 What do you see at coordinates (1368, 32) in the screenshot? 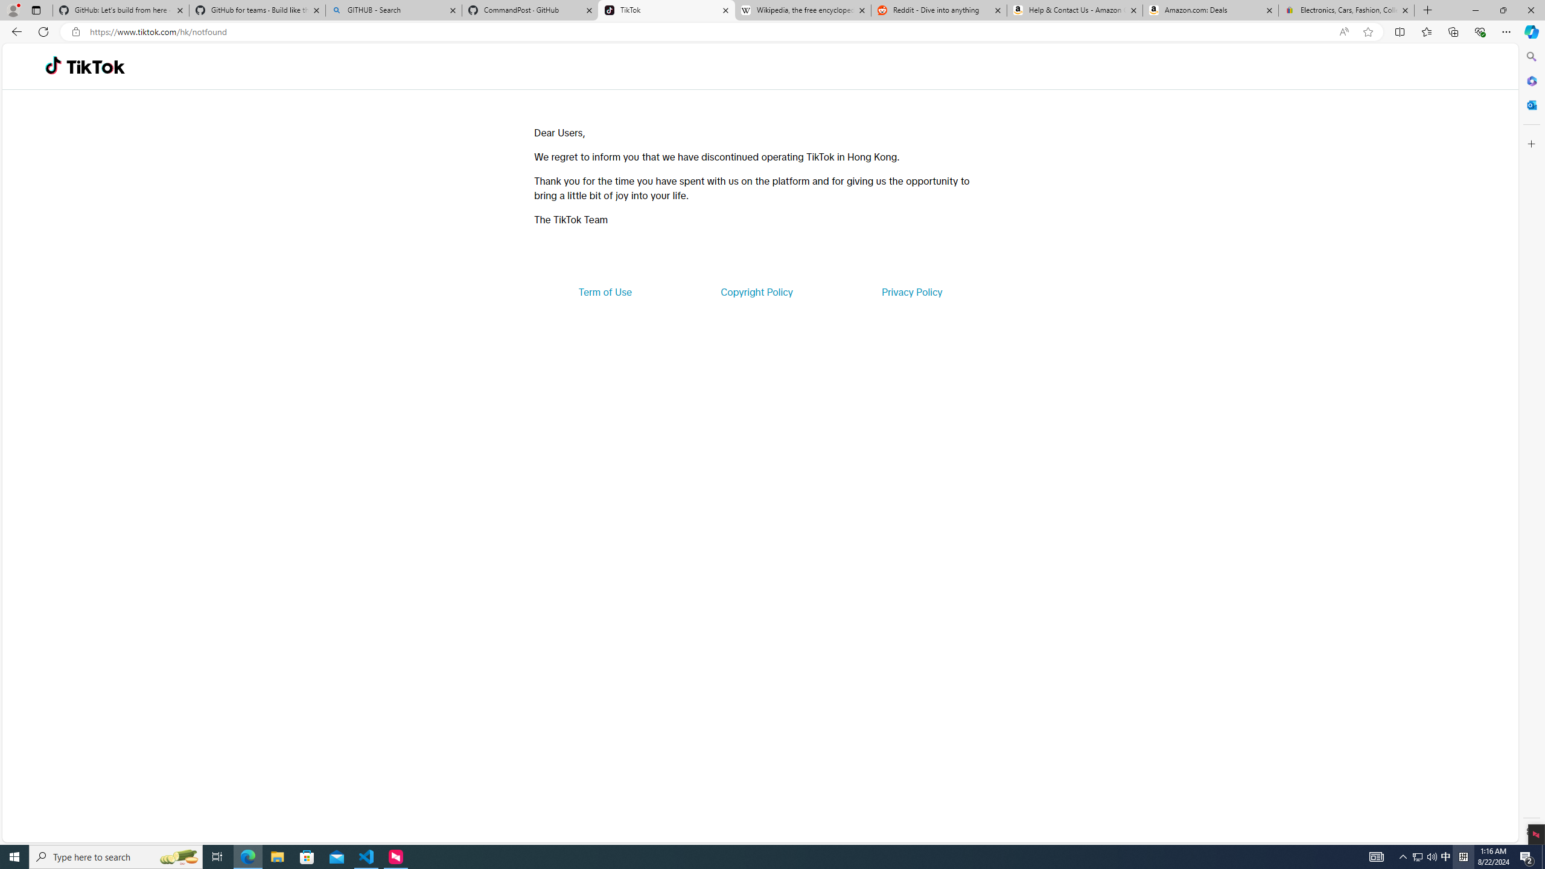
I see `'Add this page to favorites (Ctrl+D)'` at bounding box center [1368, 32].